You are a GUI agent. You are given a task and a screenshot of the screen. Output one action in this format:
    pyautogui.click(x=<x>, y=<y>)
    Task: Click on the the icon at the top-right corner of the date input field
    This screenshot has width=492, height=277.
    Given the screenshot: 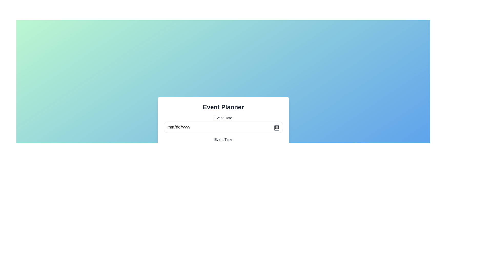 What is the action you would take?
    pyautogui.click(x=276, y=127)
    